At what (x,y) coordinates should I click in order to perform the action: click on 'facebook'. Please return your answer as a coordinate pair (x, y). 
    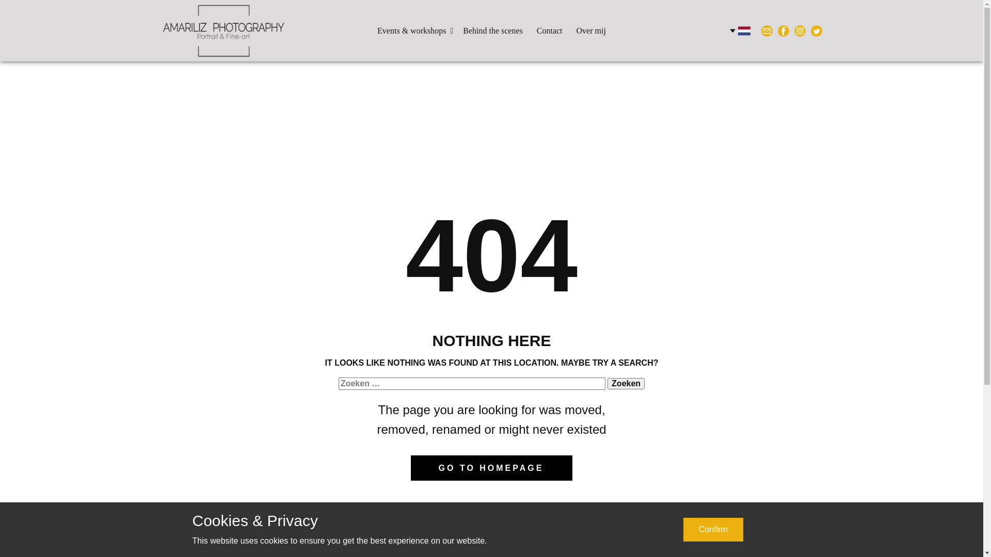
    Looking at the image, I should click on (782, 30).